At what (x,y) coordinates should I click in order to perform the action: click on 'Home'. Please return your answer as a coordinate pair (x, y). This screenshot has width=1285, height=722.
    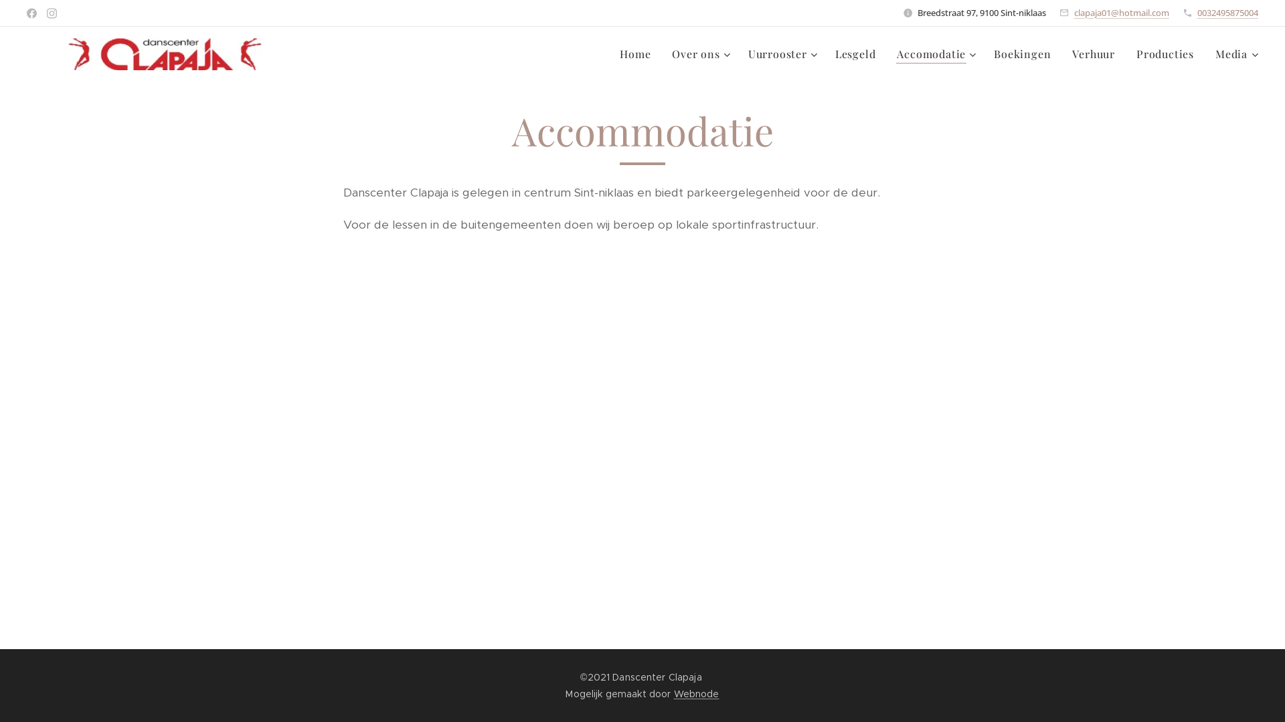
    Looking at the image, I should click on (638, 53).